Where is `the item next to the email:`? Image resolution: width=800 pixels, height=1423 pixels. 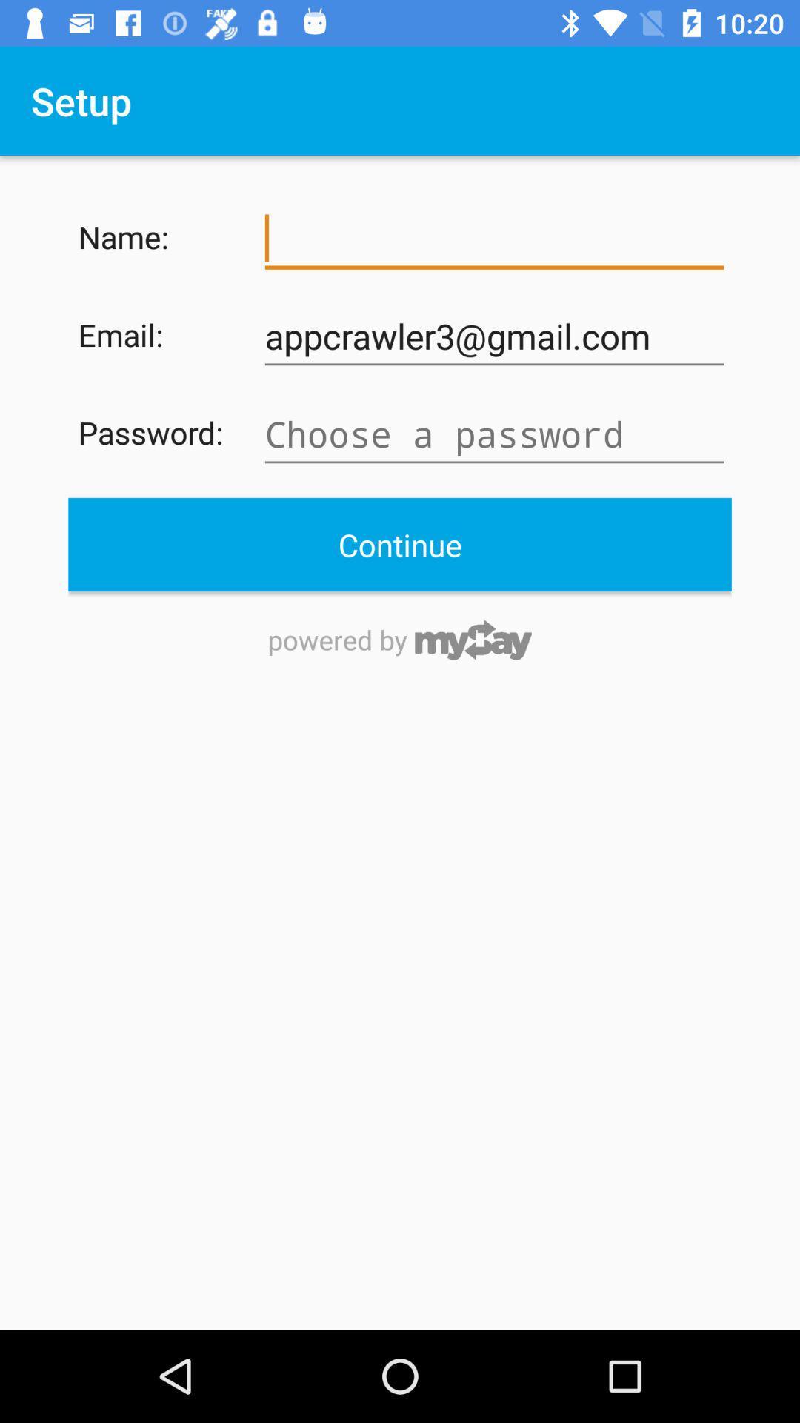 the item next to the email: is located at coordinates (494, 336).